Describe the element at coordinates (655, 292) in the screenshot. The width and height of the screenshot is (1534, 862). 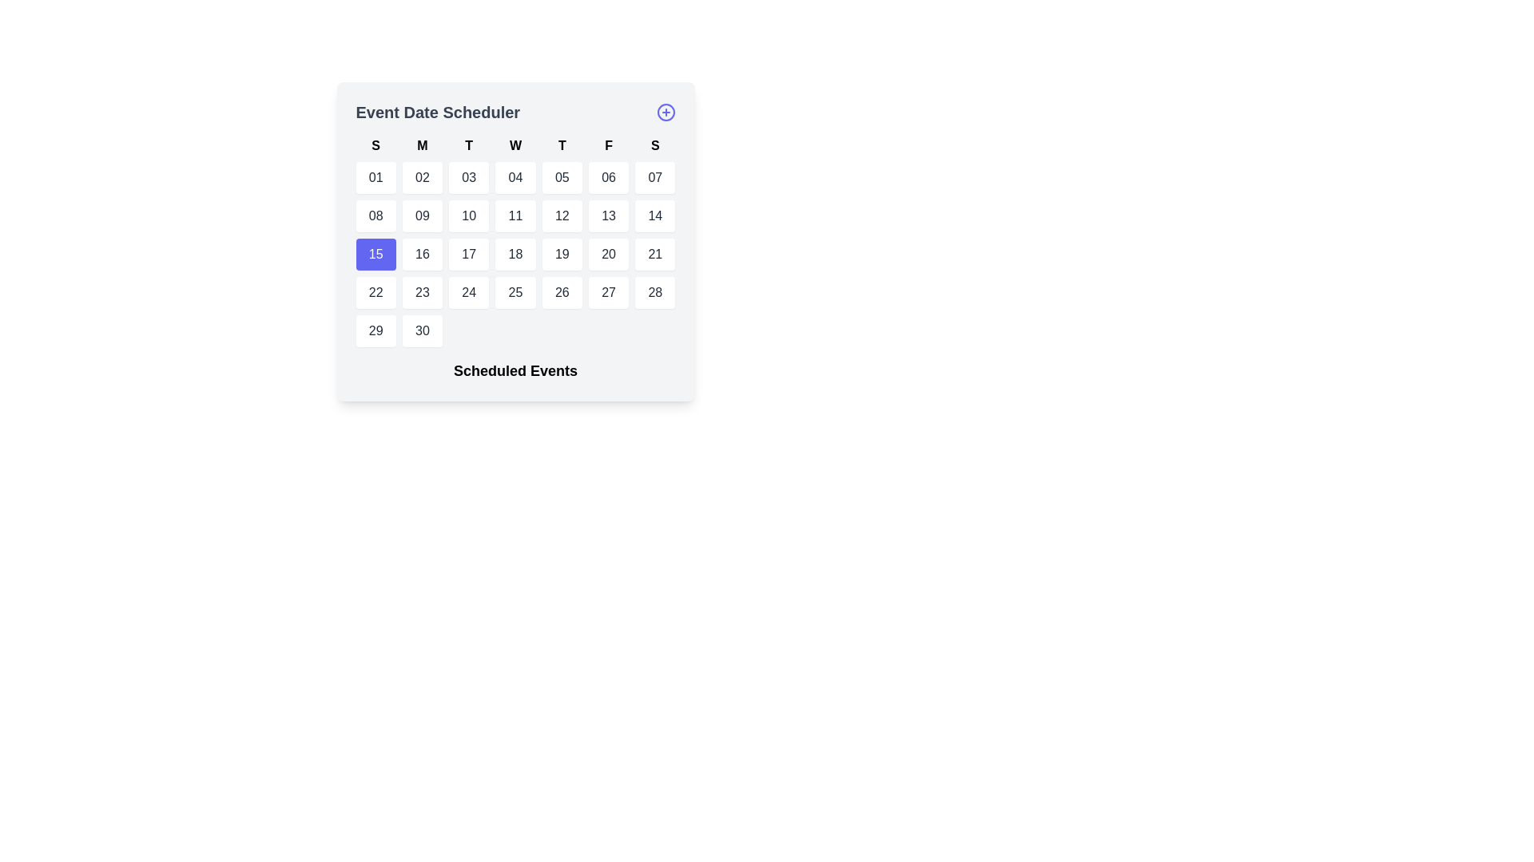
I see `the small rectangular button with rounded corners displaying the number '28' located in the bottom-right corner of the calendar grid under the Saturday column` at that location.